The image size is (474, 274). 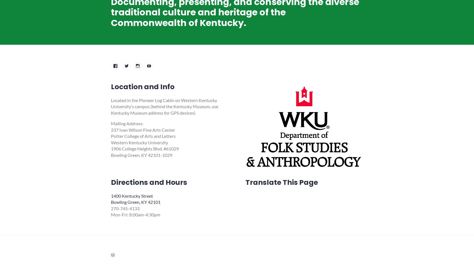 What do you see at coordinates (132, 195) in the screenshot?
I see `'1400 Kentucky Street'` at bounding box center [132, 195].